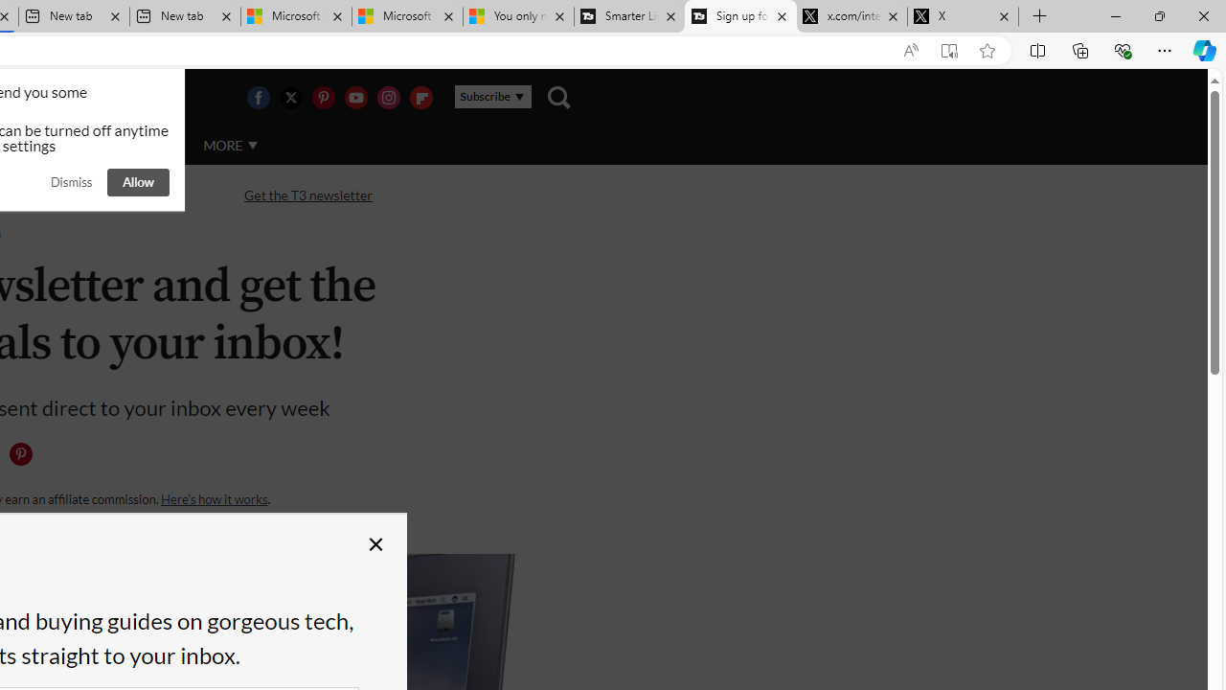 The width and height of the screenshot is (1226, 690). I want to click on 'Subscribe', so click(492, 97).